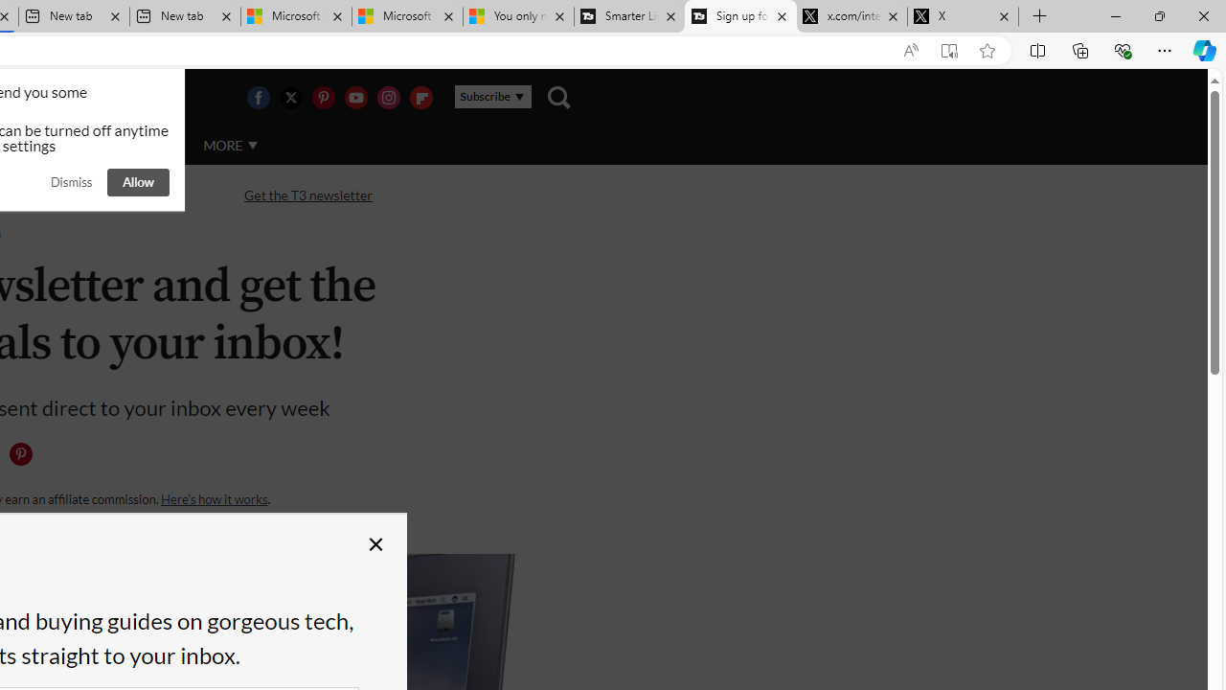 The width and height of the screenshot is (1226, 690). I want to click on 'Subscribe', so click(492, 97).